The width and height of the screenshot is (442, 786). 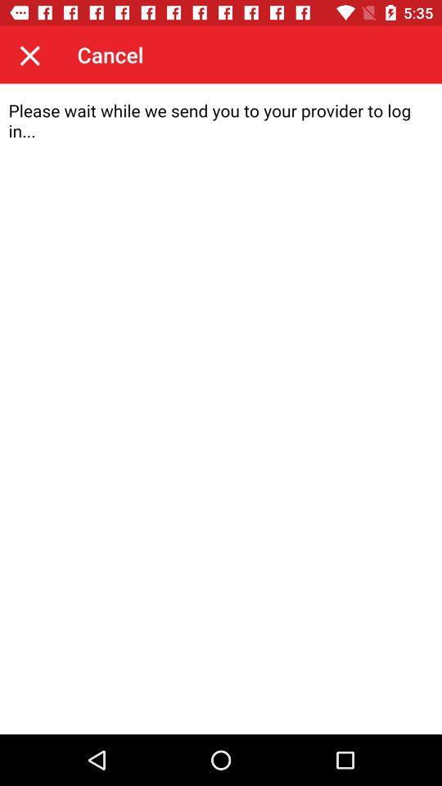 What do you see at coordinates (221, 408) in the screenshot?
I see `screen page` at bounding box center [221, 408].